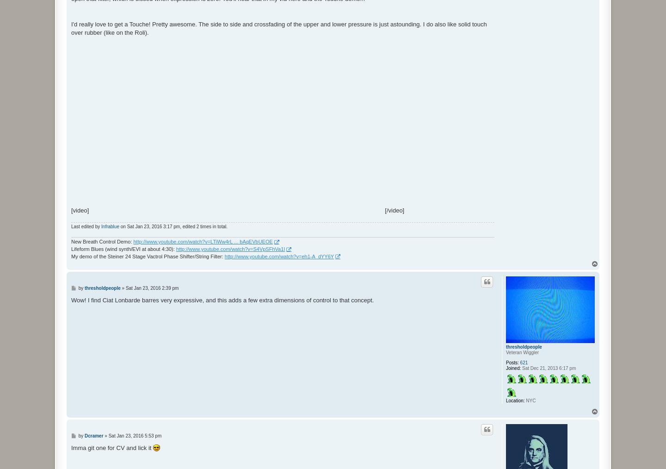 The image size is (666, 469). Describe the element at coordinates (79, 209) in the screenshot. I see `'[video]'` at that location.